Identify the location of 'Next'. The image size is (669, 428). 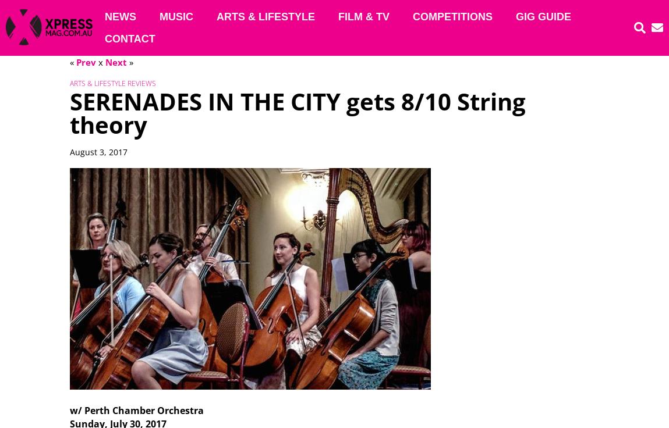
(115, 62).